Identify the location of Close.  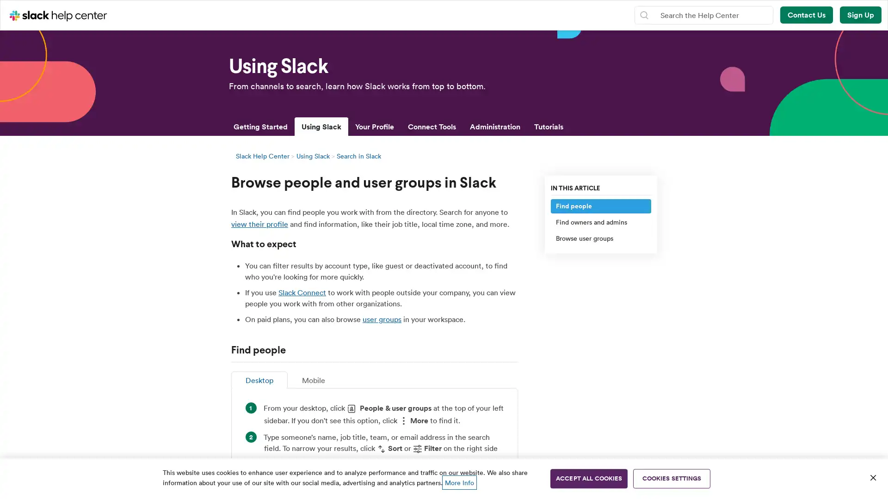
(872, 477).